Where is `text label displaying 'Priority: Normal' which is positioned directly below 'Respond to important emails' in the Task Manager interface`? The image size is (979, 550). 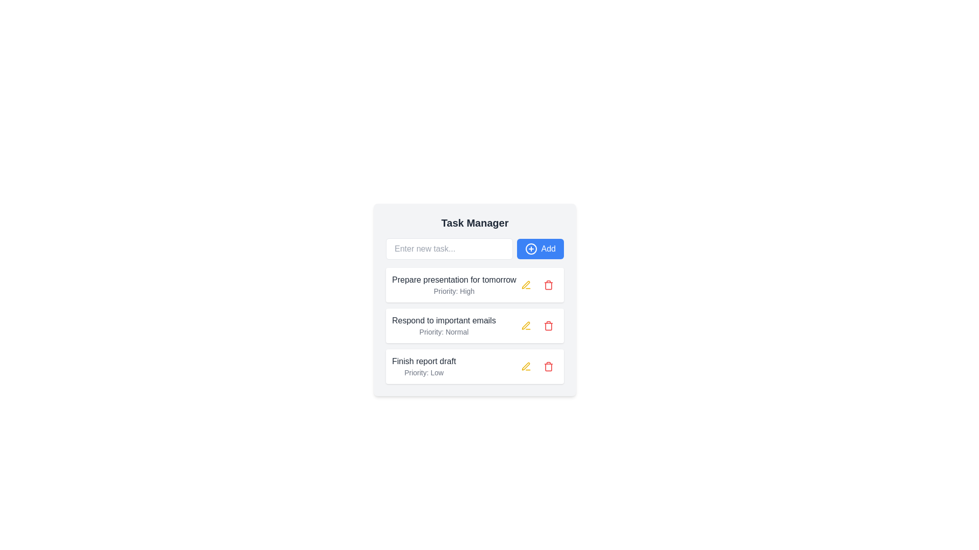 text label displaying 'Priority: Normal' which is positioned directly below 'Respond to important emails' in the Task Manager interface is located at coordinates (444, 332).